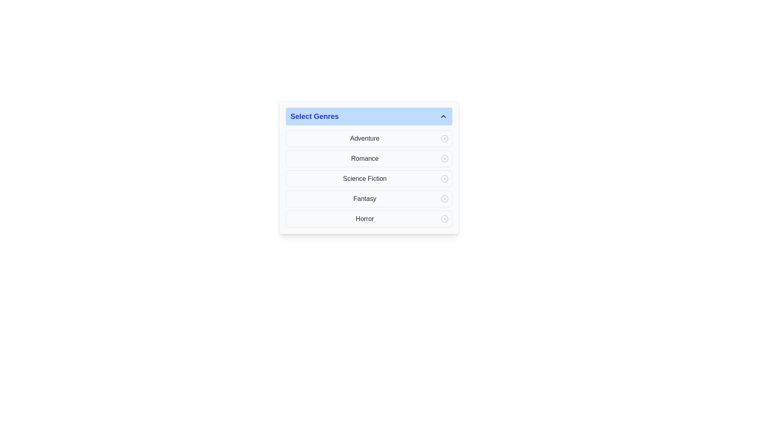 This screenshot has height=434, width=772. Describe the element at coordinates (364, 178) in the screenshot. I see `the 'Science Fiction' text label, which is displayed in dark gray font within the third row of selectable categories under 'Select Genres'` at that location.